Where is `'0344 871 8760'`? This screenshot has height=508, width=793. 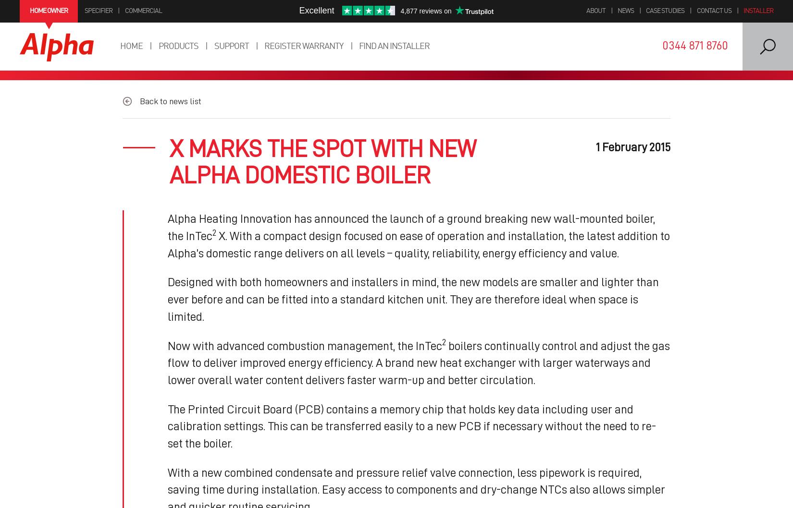 '0344 871 8760' is located at coordinates (694, 45).